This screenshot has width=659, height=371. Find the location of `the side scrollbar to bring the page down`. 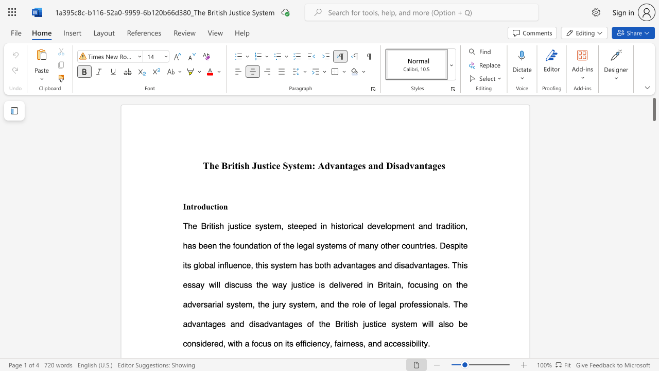

the side scrollbar to bring the page down is located at coordinates (653, 215).